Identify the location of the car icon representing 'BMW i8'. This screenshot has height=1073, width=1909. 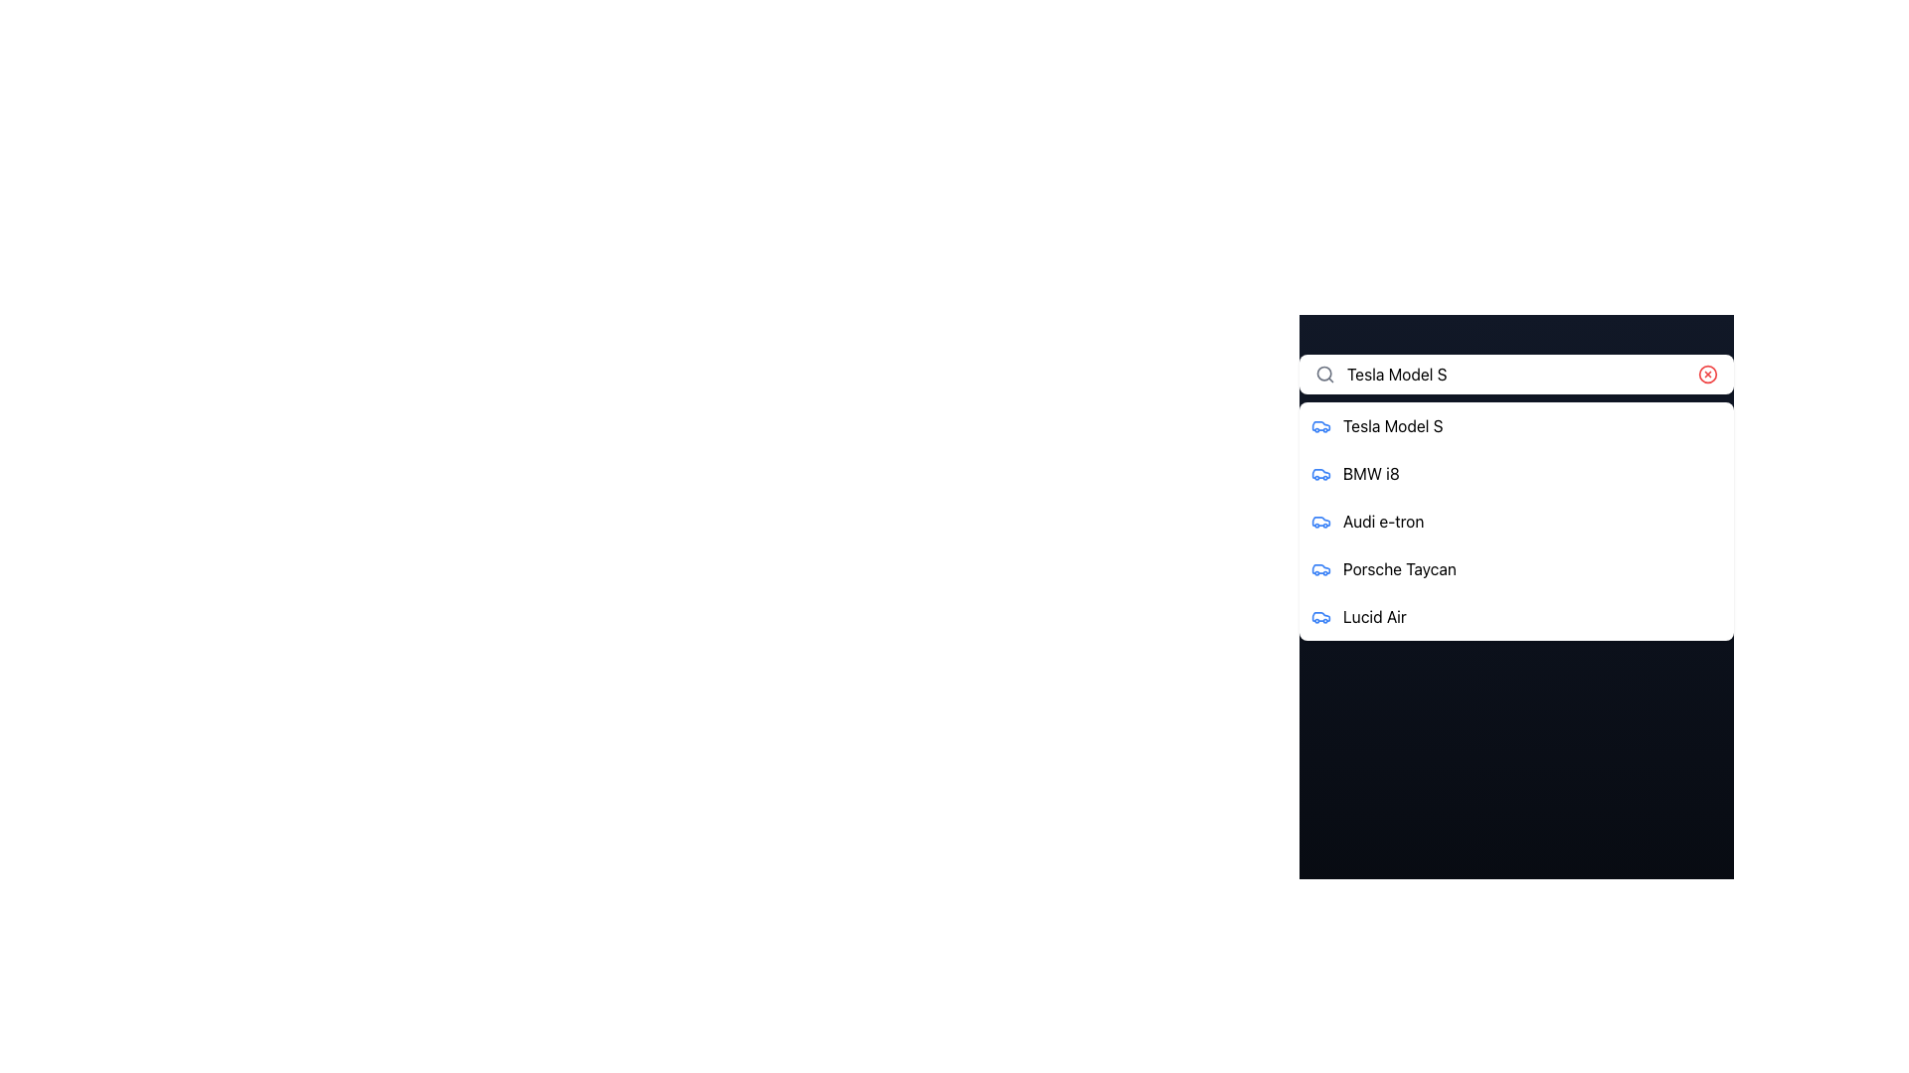
(1321, 474).